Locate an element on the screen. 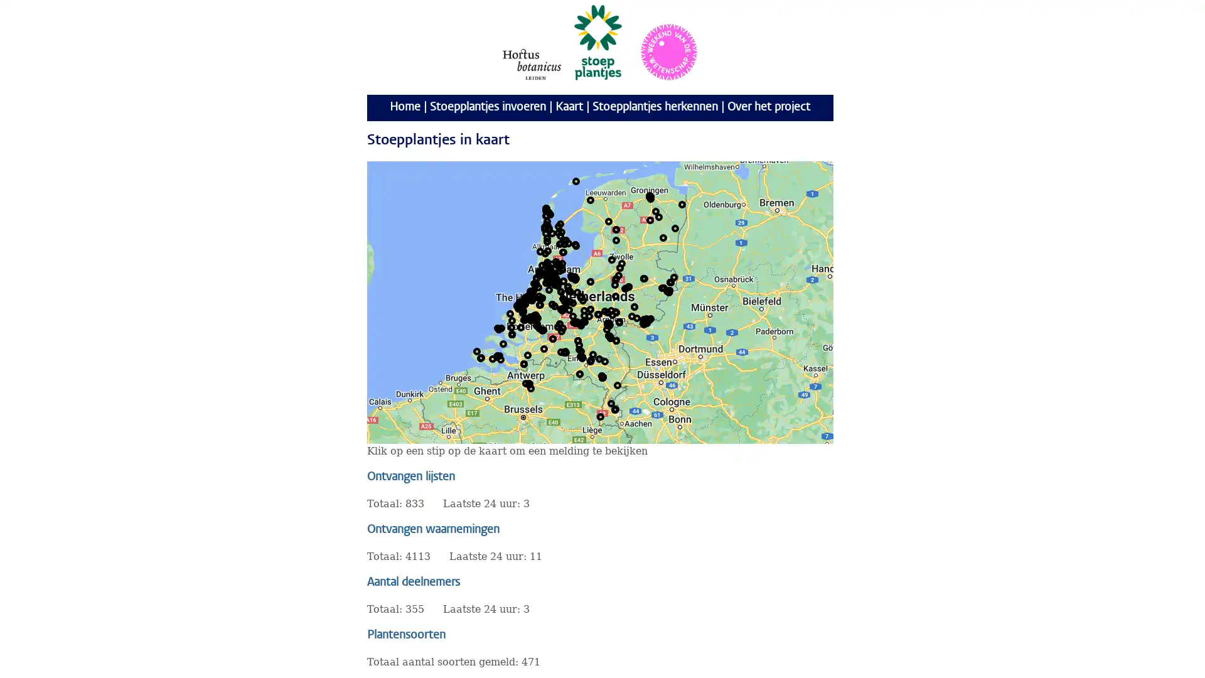 The height and width of the screenshot is (678, 1205). Telling van Annemiek Z op 18 mei 2022 is located at coordinates (522, 305).